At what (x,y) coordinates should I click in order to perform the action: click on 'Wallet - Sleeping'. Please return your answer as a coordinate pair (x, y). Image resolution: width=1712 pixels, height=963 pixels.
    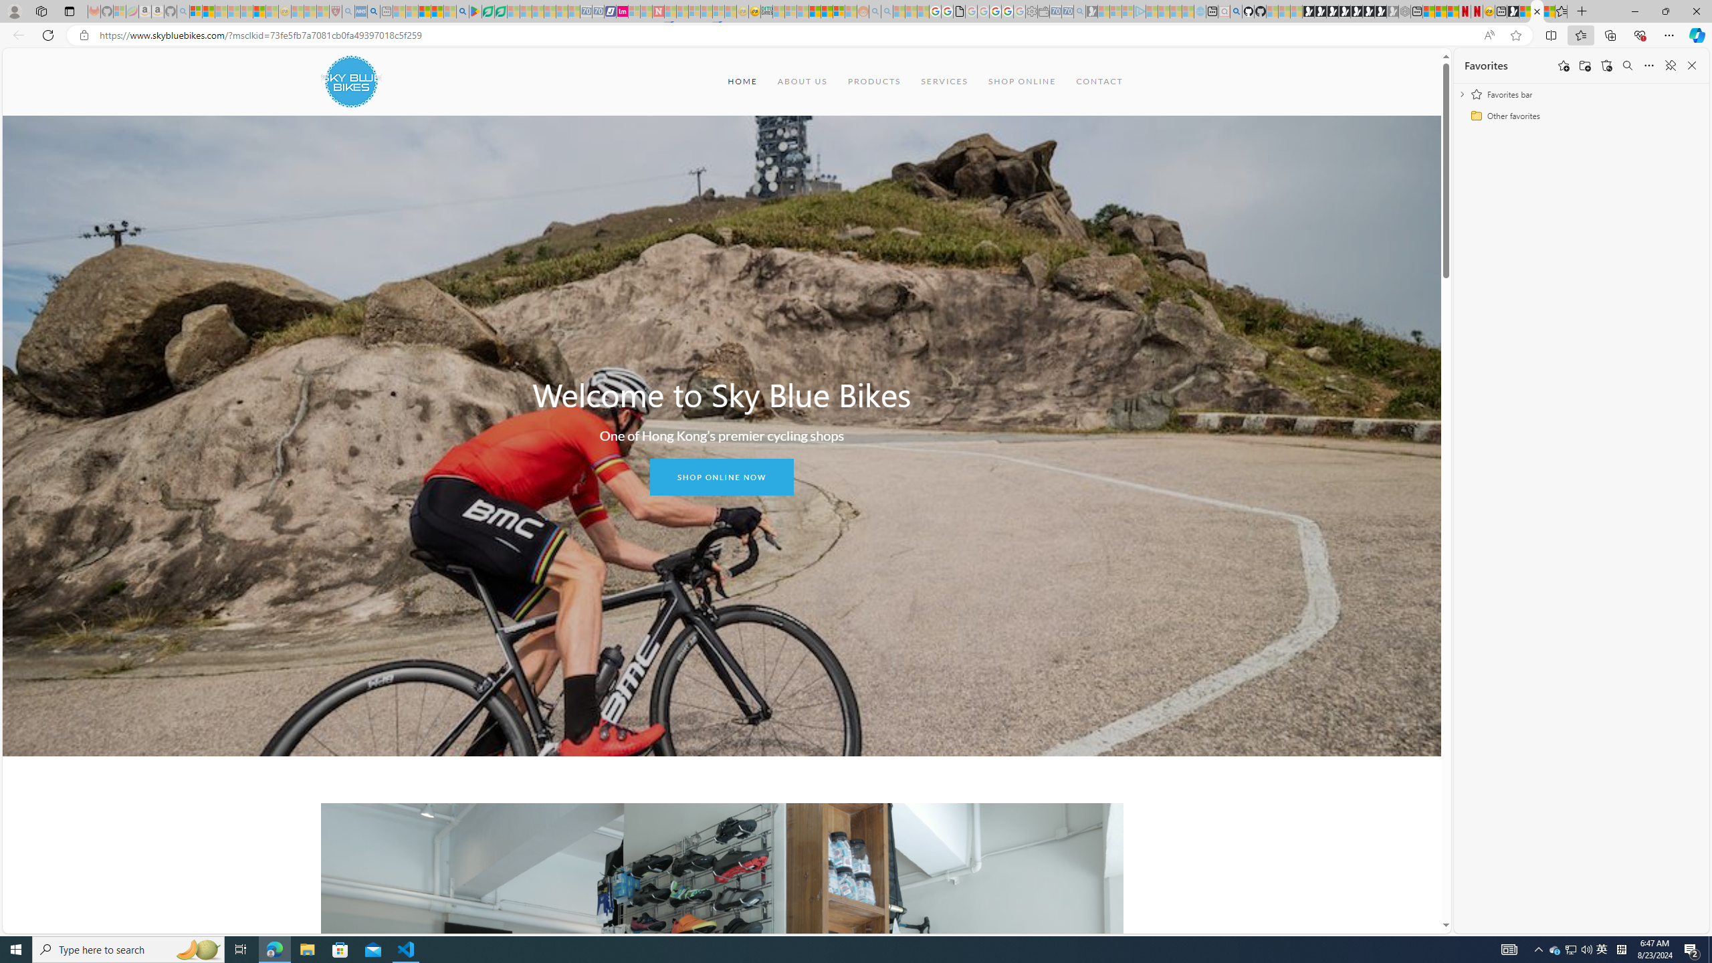
    Looking at the image, I should click on (1043, 11).